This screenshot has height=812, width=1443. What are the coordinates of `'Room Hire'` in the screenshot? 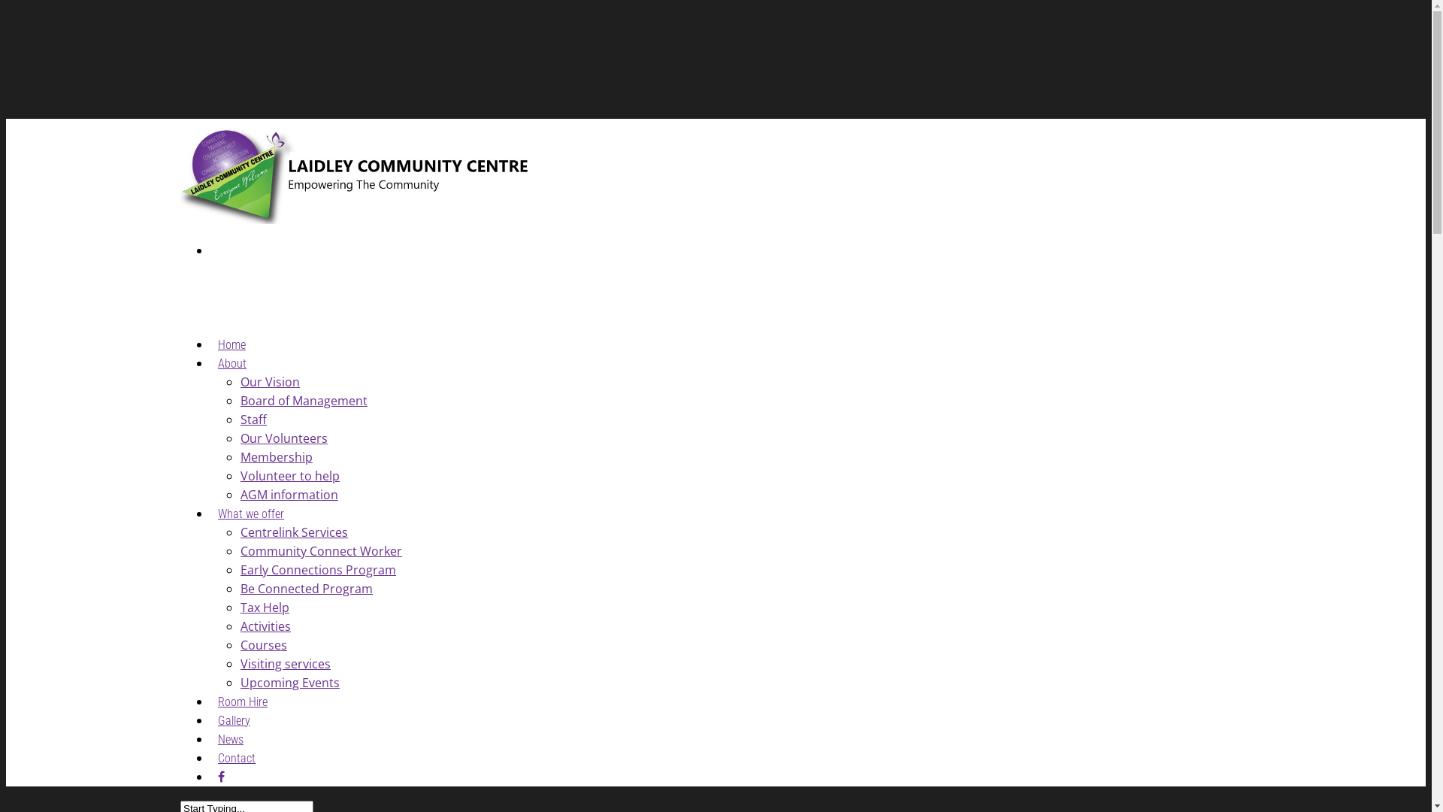 It's located at (242, 705).